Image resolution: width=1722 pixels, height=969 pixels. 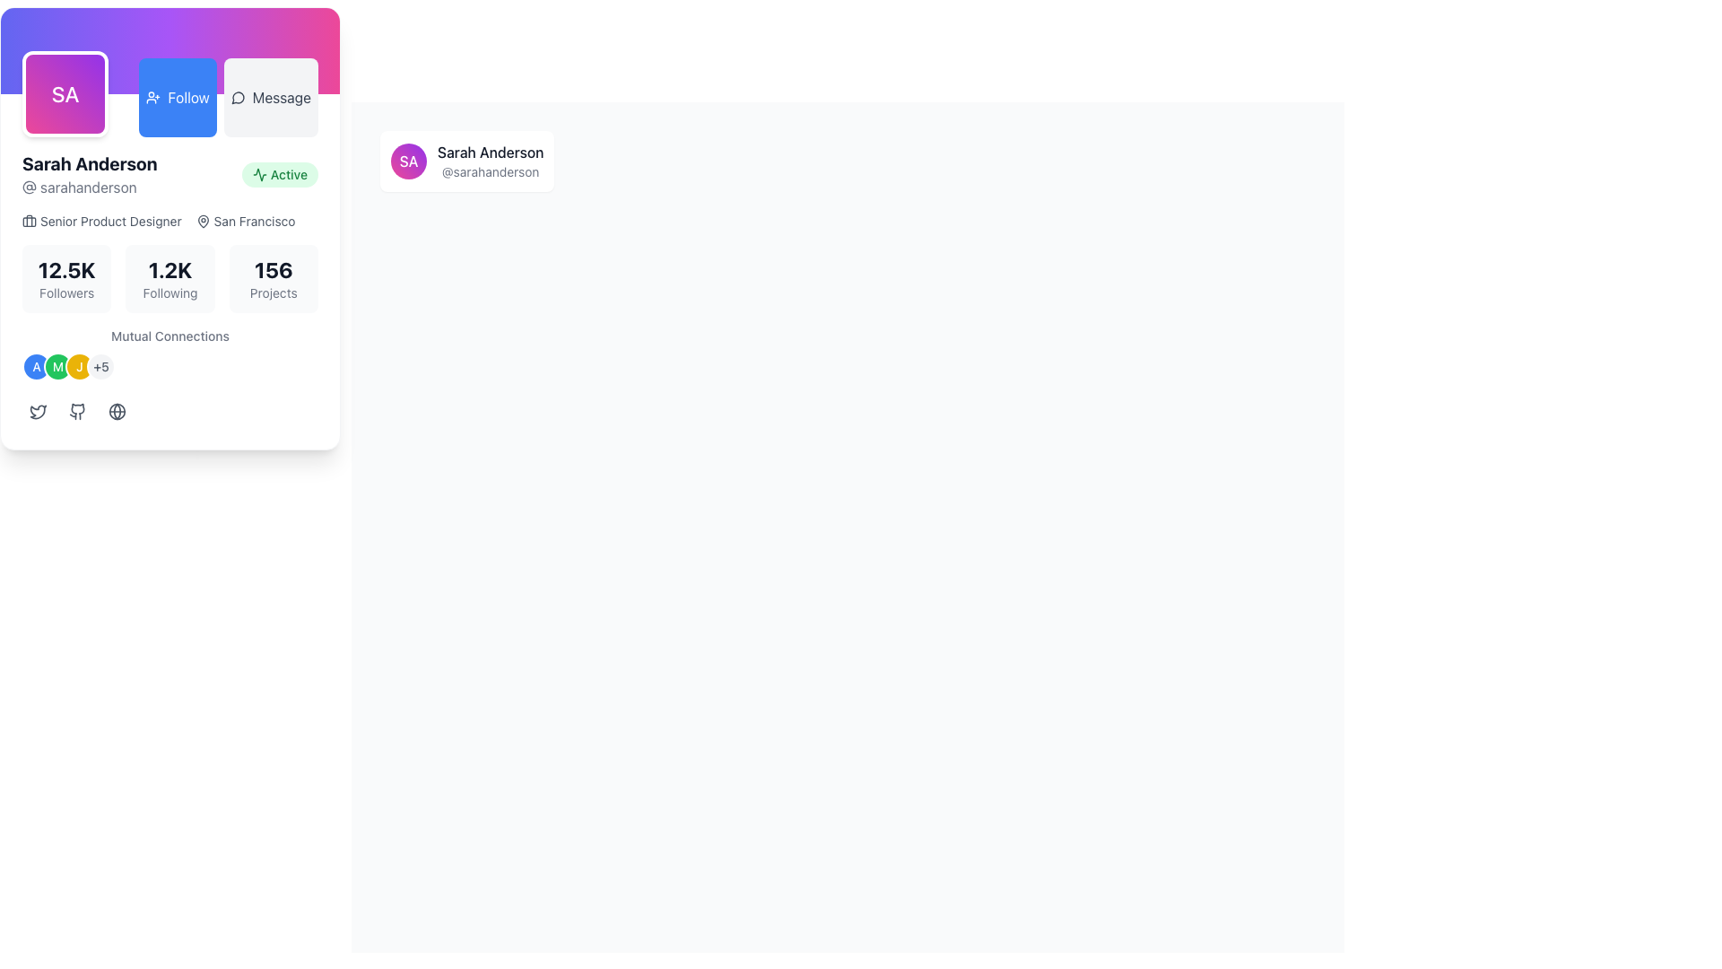 What do you see at coordinates (281, 97) in the screenshot?
I see `the text value of the 'Message' label, which is displayed in dark gray and is part of the interactive button group in the top-right area of the user card layout` at bounding box center [281, 97].